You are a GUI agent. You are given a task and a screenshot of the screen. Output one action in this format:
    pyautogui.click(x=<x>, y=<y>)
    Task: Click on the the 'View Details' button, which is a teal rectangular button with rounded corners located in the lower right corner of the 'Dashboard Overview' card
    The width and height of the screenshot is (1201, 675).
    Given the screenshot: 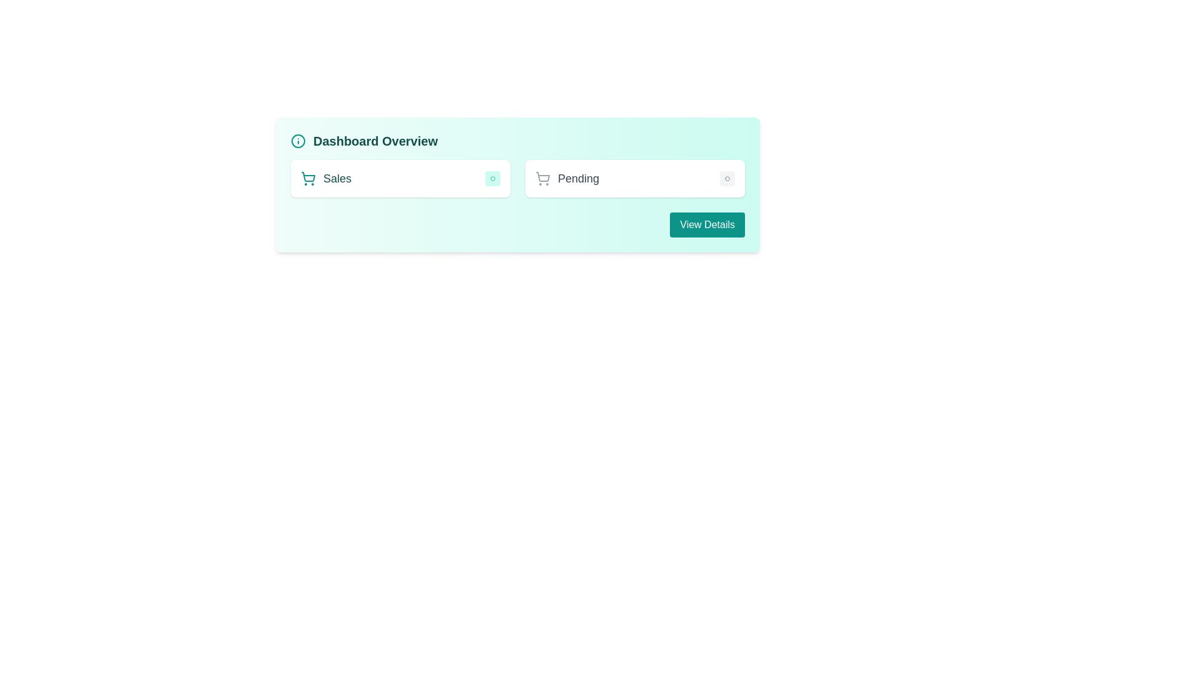 What is the action you would take?
    pyautogui.click(x=707, y=224)
    